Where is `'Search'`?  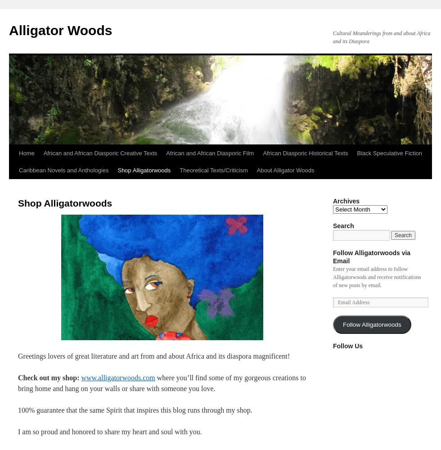
'Search' is located at coordinates (343, 226).